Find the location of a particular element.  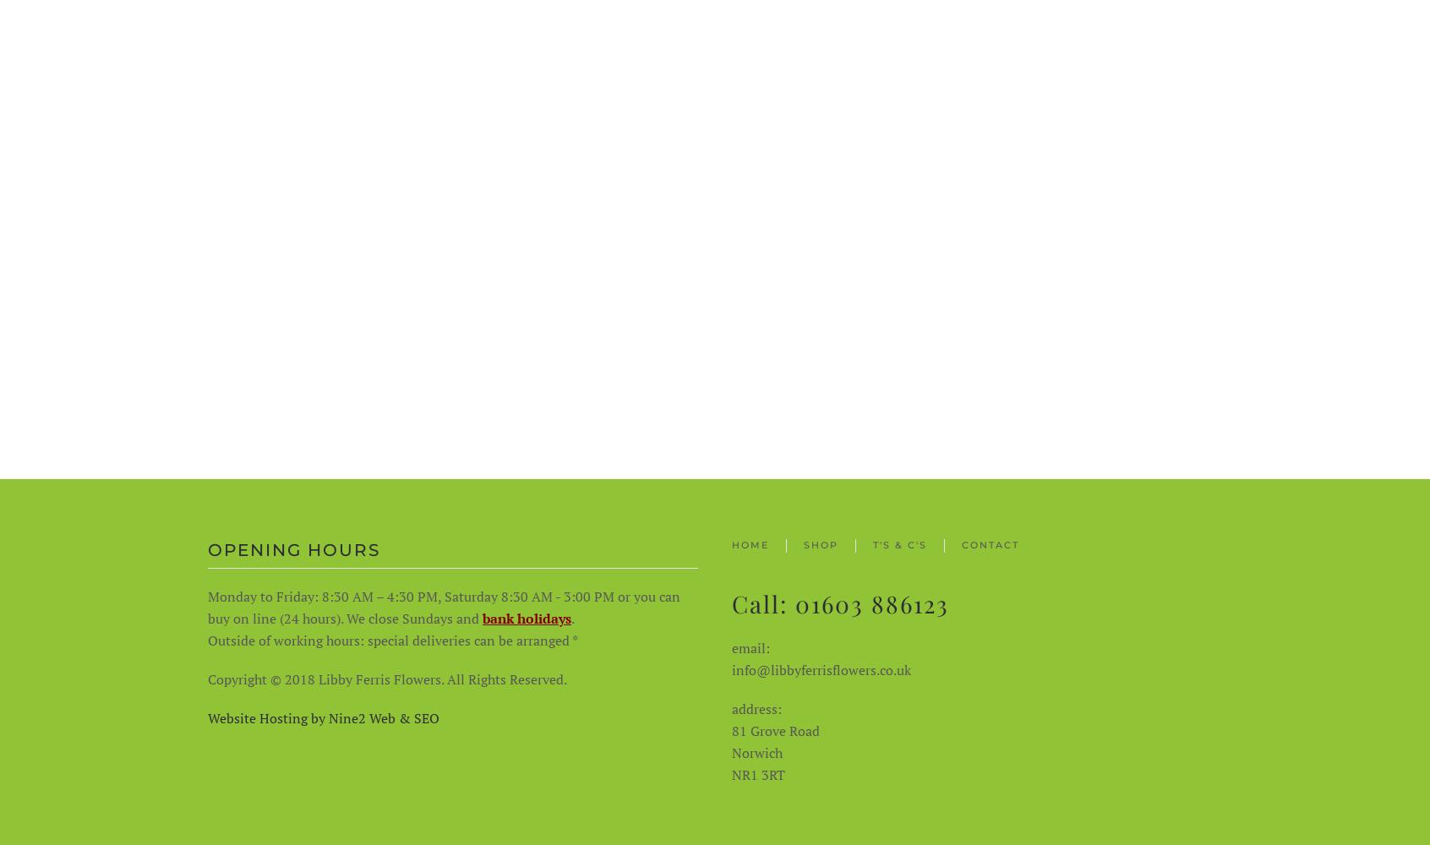

'NR1 3RT' is located at coordinates (757, 775).